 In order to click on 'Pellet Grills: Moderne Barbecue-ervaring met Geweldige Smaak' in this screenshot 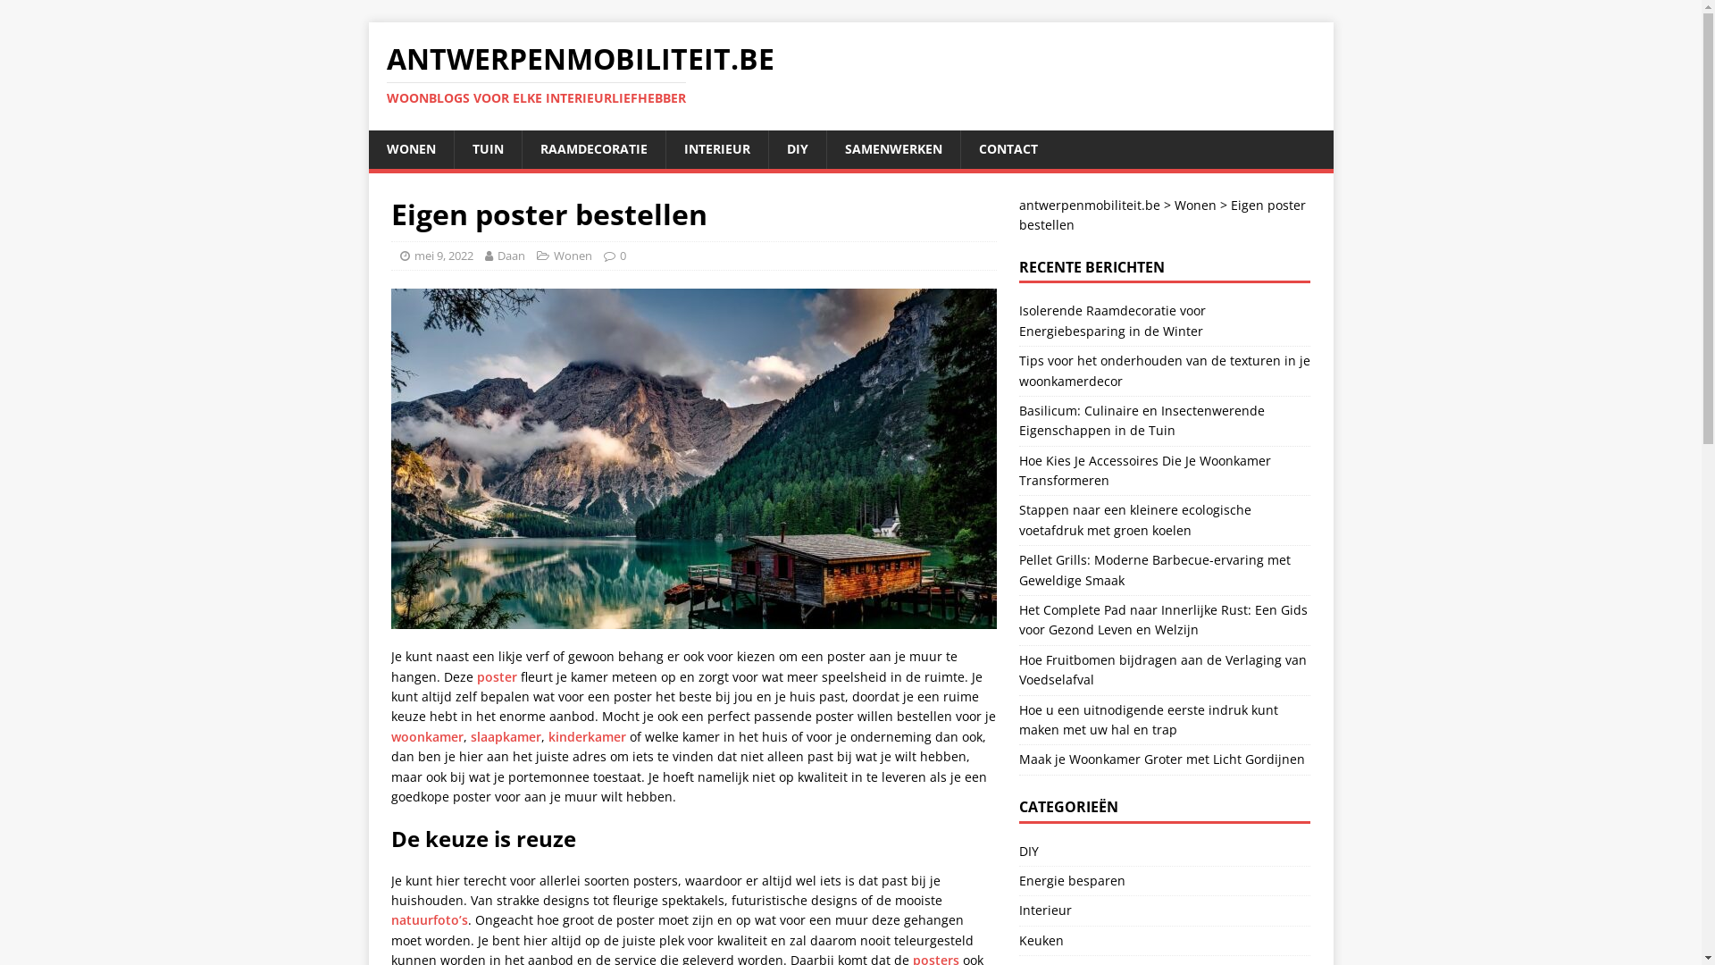, I will do `click(1154, 569)`.